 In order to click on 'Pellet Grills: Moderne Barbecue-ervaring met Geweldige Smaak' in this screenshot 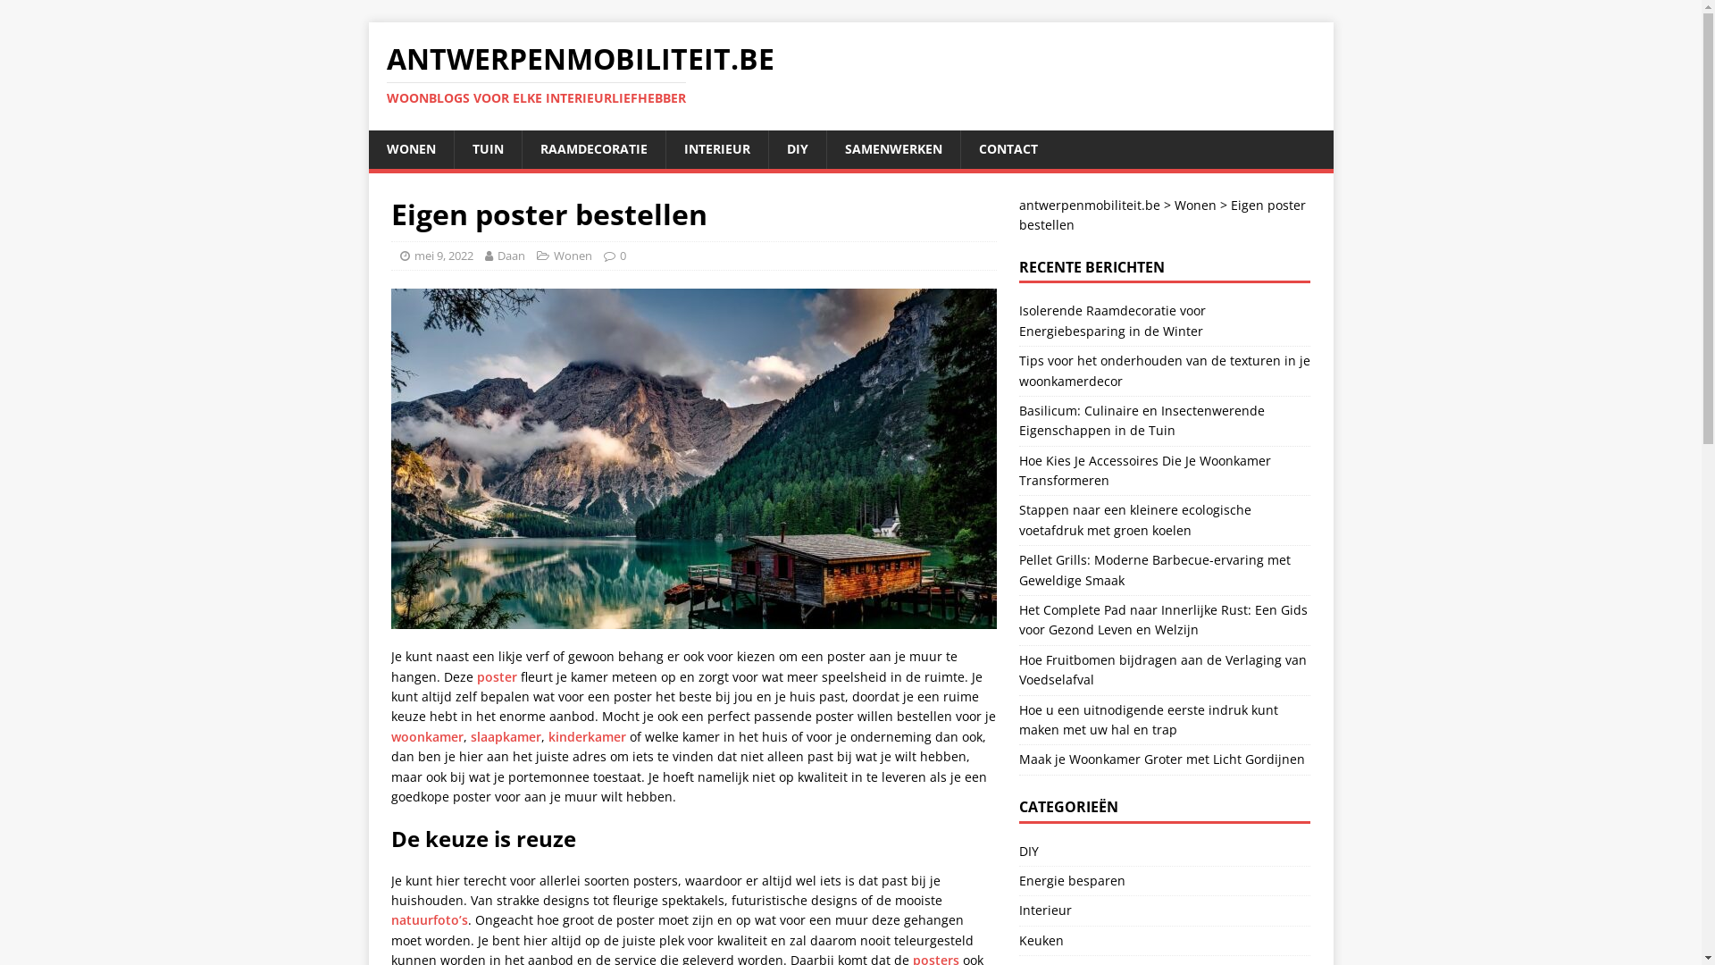, I will do `click(1154, 569)`.